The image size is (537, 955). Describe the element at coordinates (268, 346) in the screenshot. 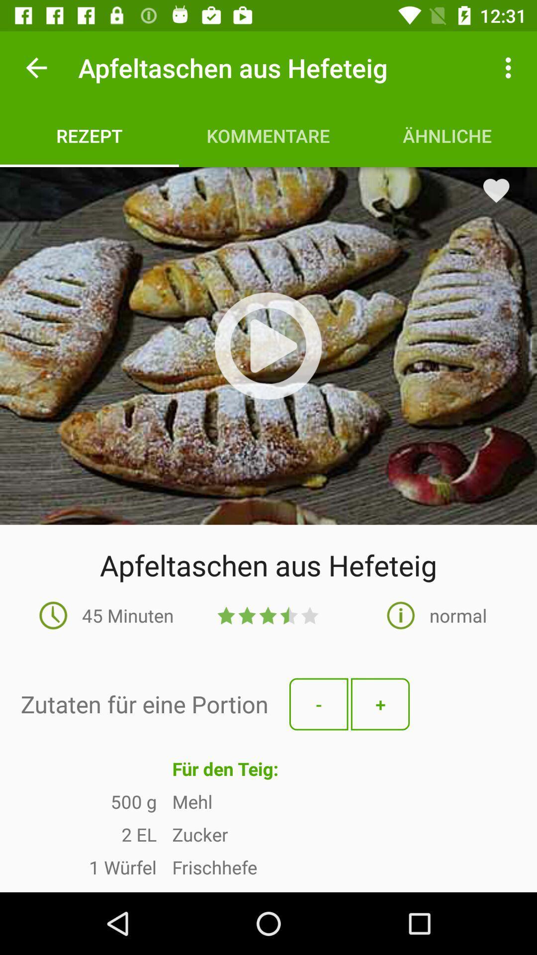

I see `paly button` at that location.